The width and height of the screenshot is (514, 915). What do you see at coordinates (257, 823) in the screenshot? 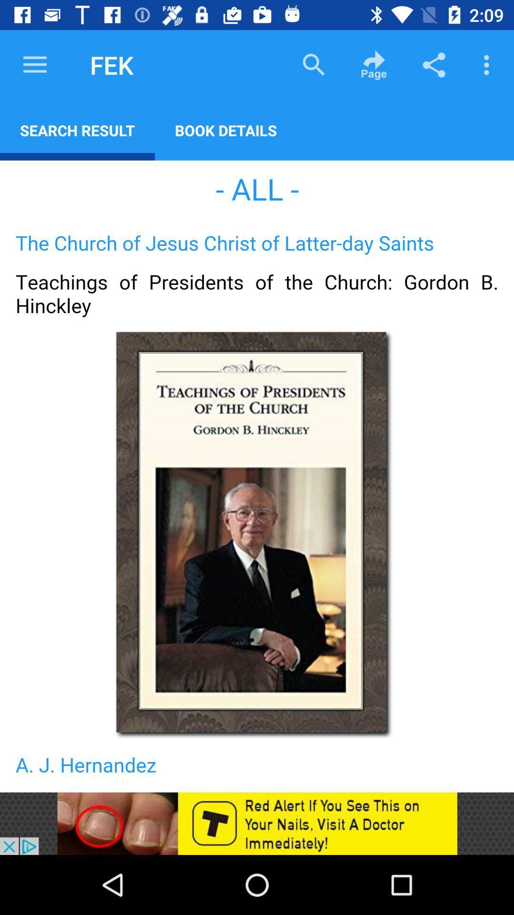
I see `advertisement` at bounding box center [257, 823].